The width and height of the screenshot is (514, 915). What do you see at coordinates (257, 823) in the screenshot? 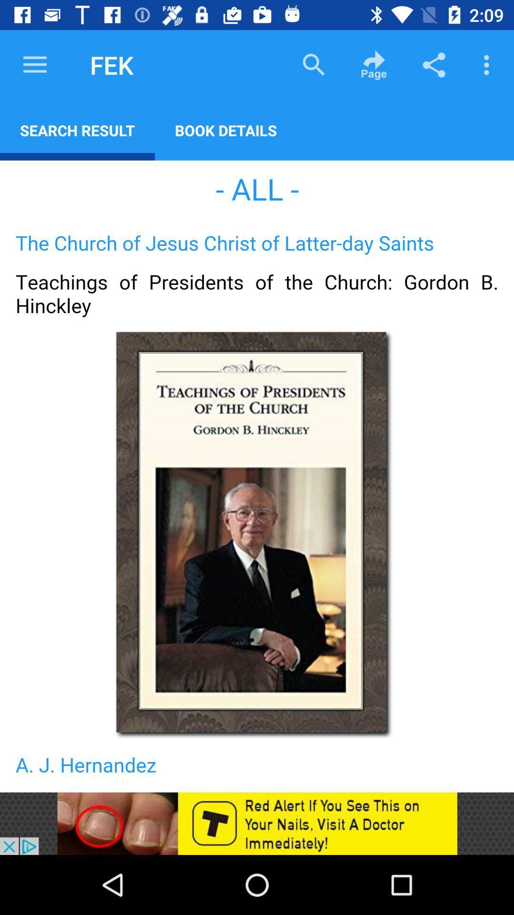
I see `advertisement` at bounding box center [257, 823].